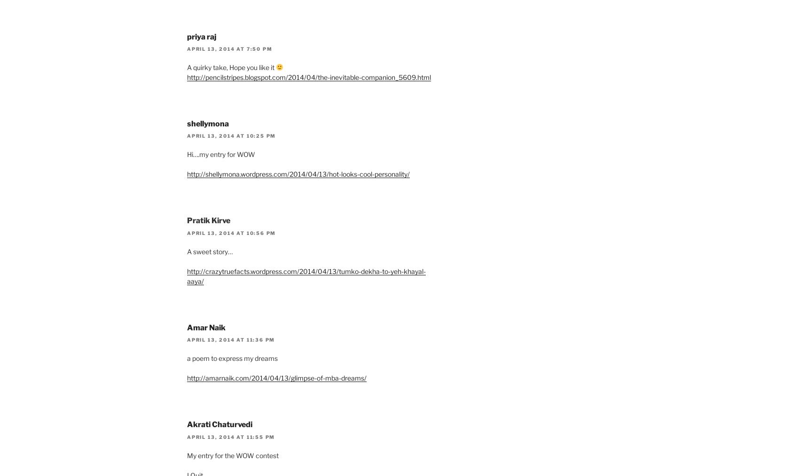  Describe the element at coordinates (231, 135) in the screenshot. I see `'April 13, 2014 at 10:25 pm'` at that location.